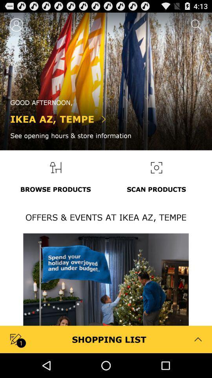 This screenshot has height=378, width=212. Describe the element at coordinates (55, 167) in the screenshot. I see `the icon which is above browse products` at that location.